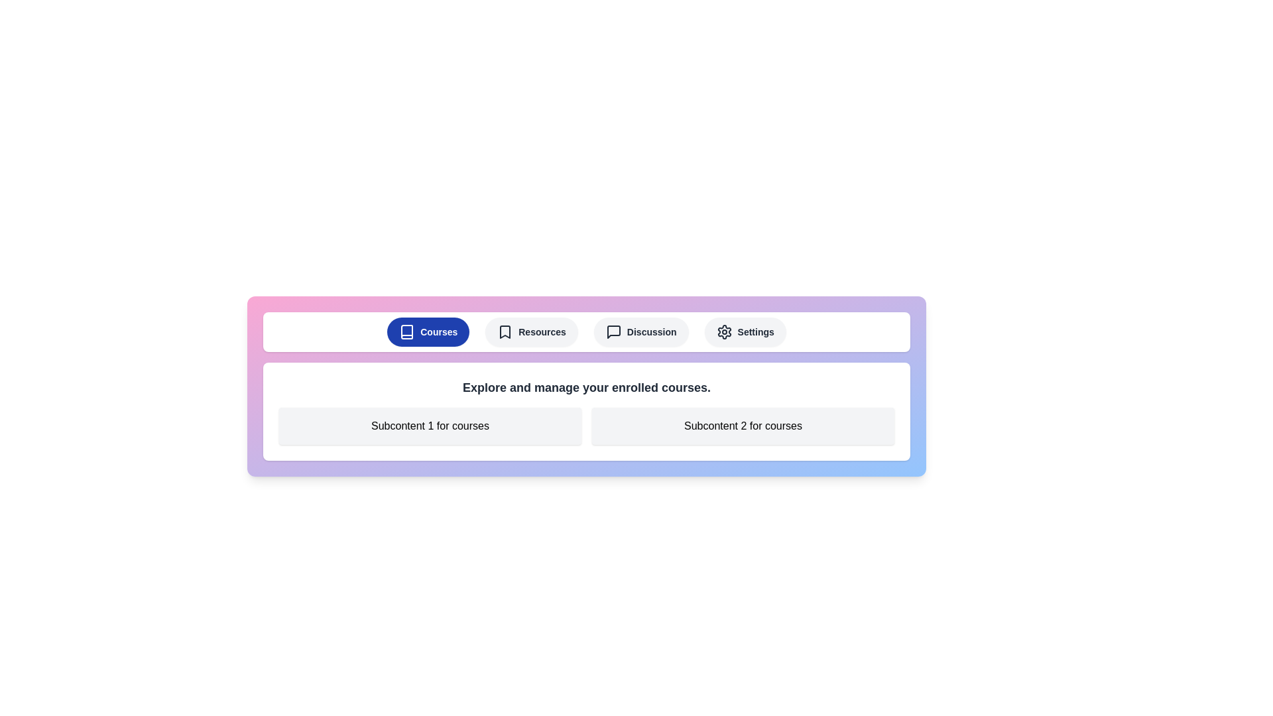 This screenshot has height=716, width=1273. Describe the element at coordinates (585, 411) in the screenshot. I see `title 'Explore and manage your enrolled courses.' and the subitem texts 'Subcontent 1 for courses' and 'Subcontent 2 for courses' from the Block element located in the center of the interface` at that location.